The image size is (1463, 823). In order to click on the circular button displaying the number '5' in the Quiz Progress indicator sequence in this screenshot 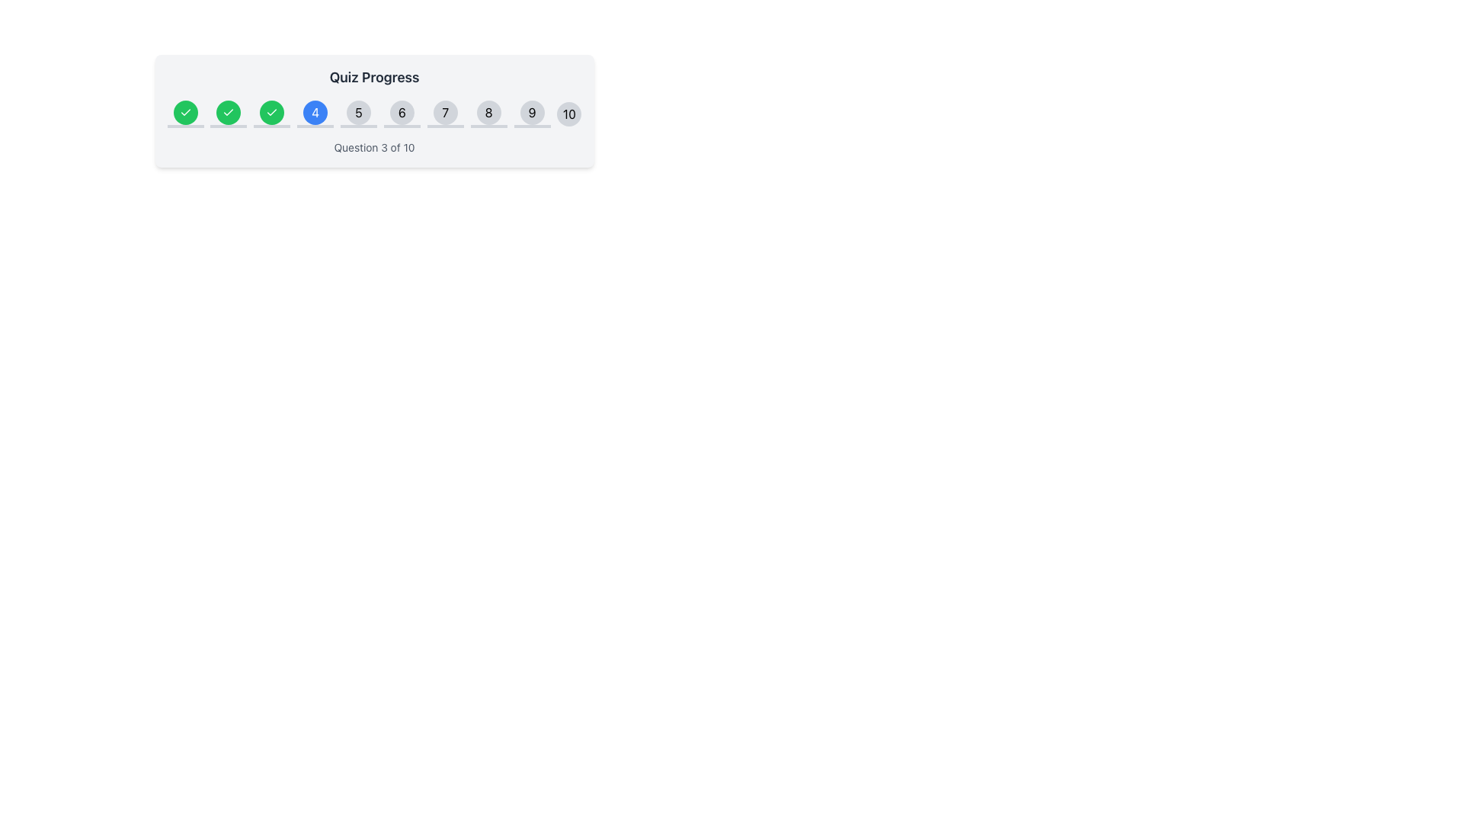, I will do `click(357, 114)`.